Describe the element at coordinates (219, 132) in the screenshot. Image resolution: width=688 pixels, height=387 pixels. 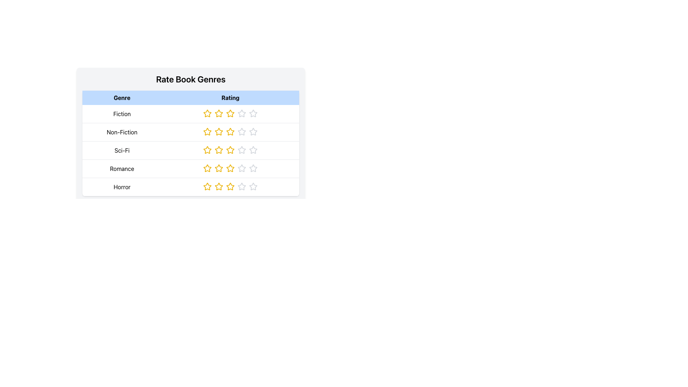
I see `the second star-shaped icon with a golden-yellow outline in the 'Non-Fiction' ratings table to provide a rating` at that location.